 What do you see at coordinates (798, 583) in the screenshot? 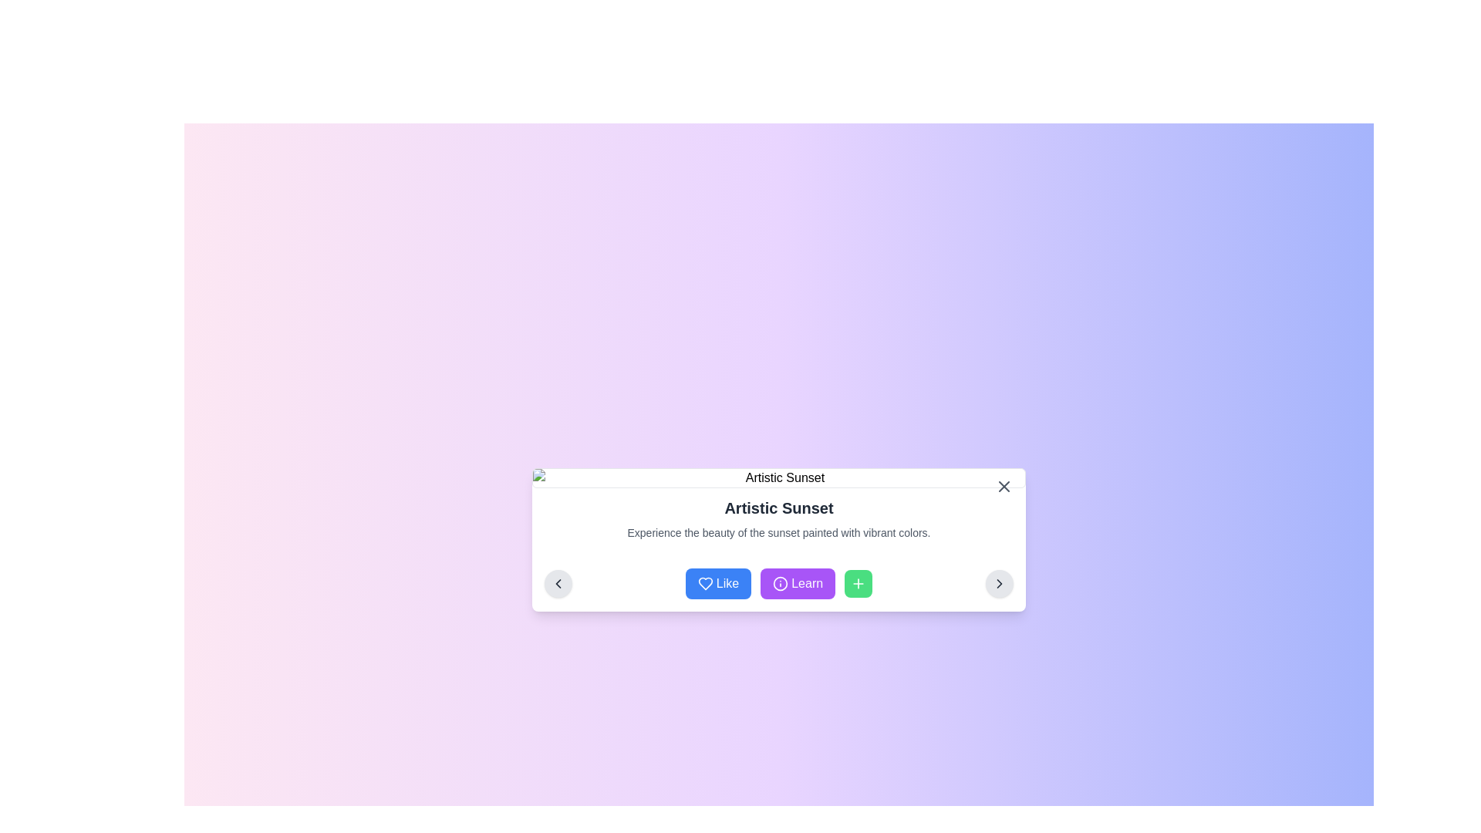
I see `the purple 'Learn' button with white text, which has an information icon to its left, to observe its interactive styling` at bounding box center [798, 583].